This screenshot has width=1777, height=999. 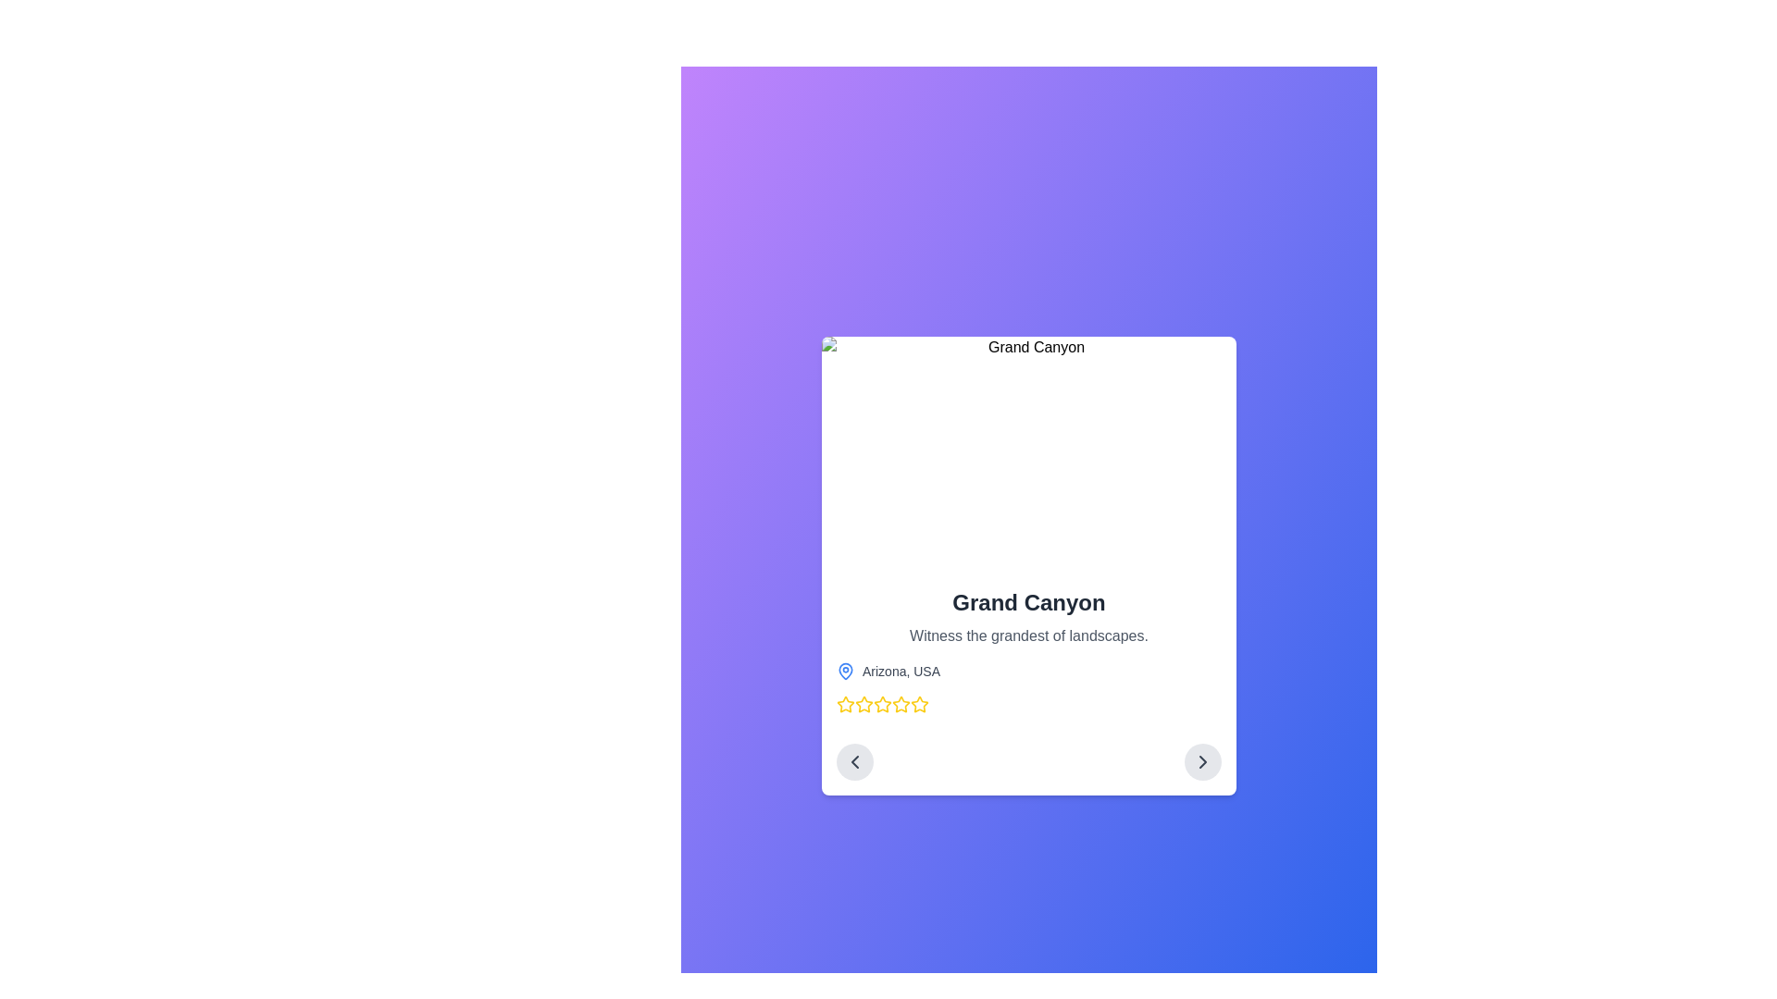 What do you see at coordinates (1028, 455) in the screenshot?
I see `the Grand Canyon image displayed in the upper area of the card layout` at bounding box center [1028, 455].